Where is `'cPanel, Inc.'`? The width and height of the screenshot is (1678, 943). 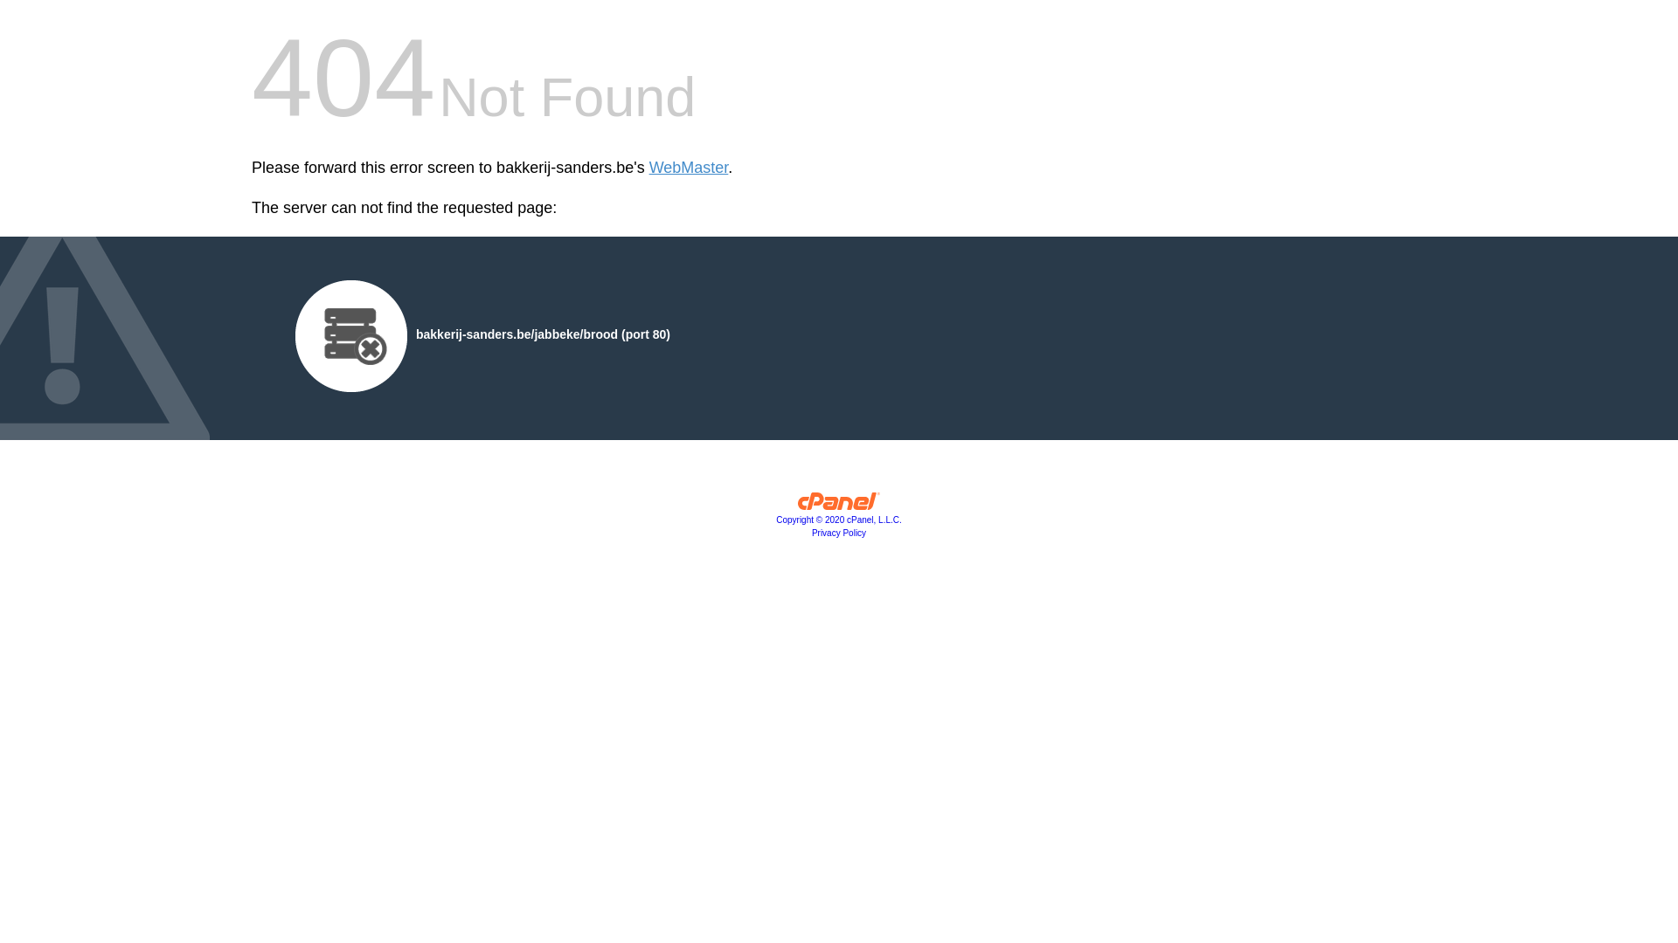 'cPanel, Inc.' is located at coordinates (839, 505).